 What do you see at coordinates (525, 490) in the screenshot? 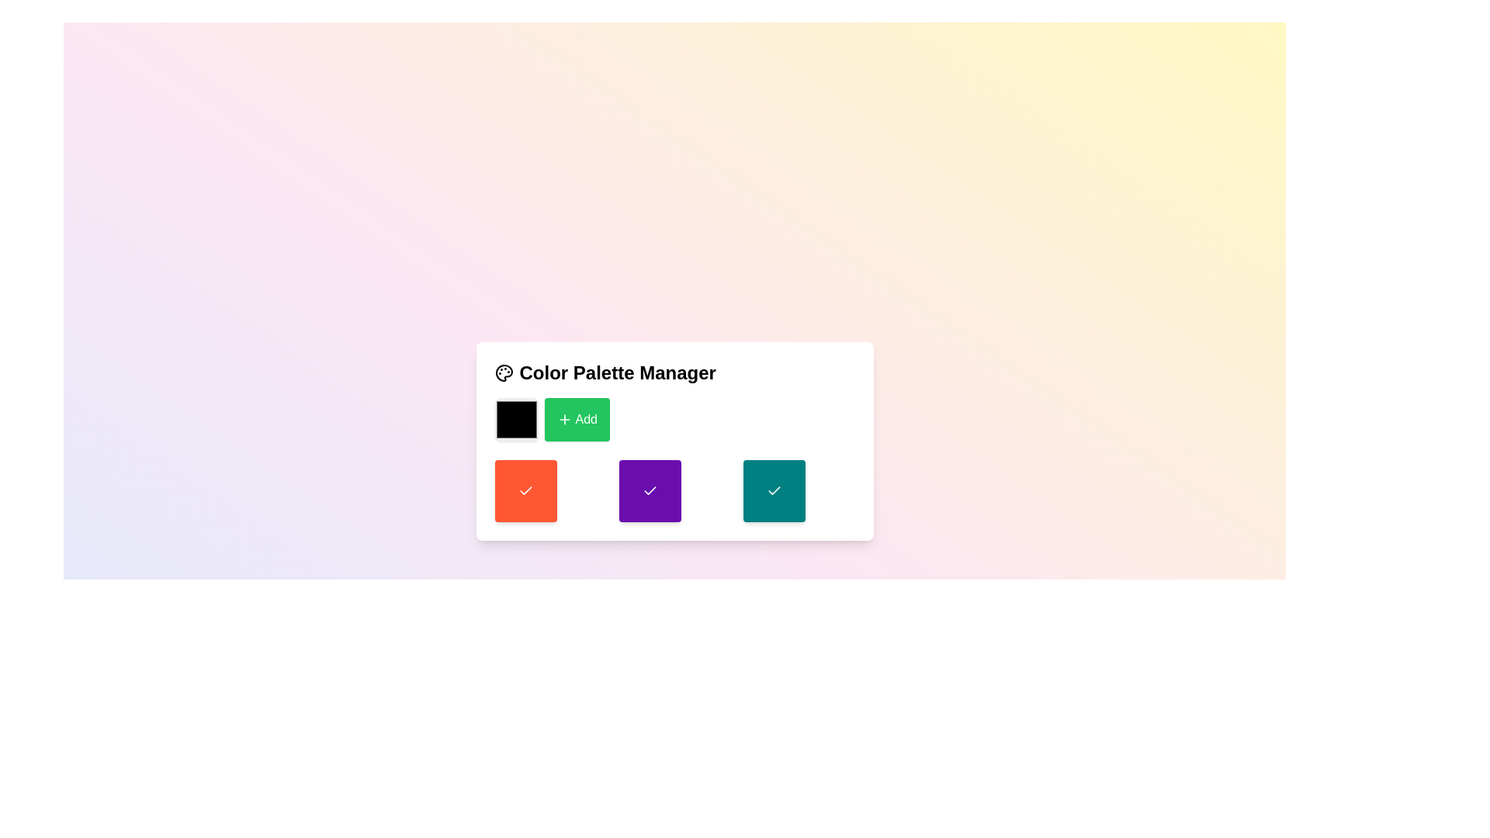
I see `the first selectable color box with a rounded corner design and orange-red background, which contains a white checkmark icon` at bounding box center [525, 490].